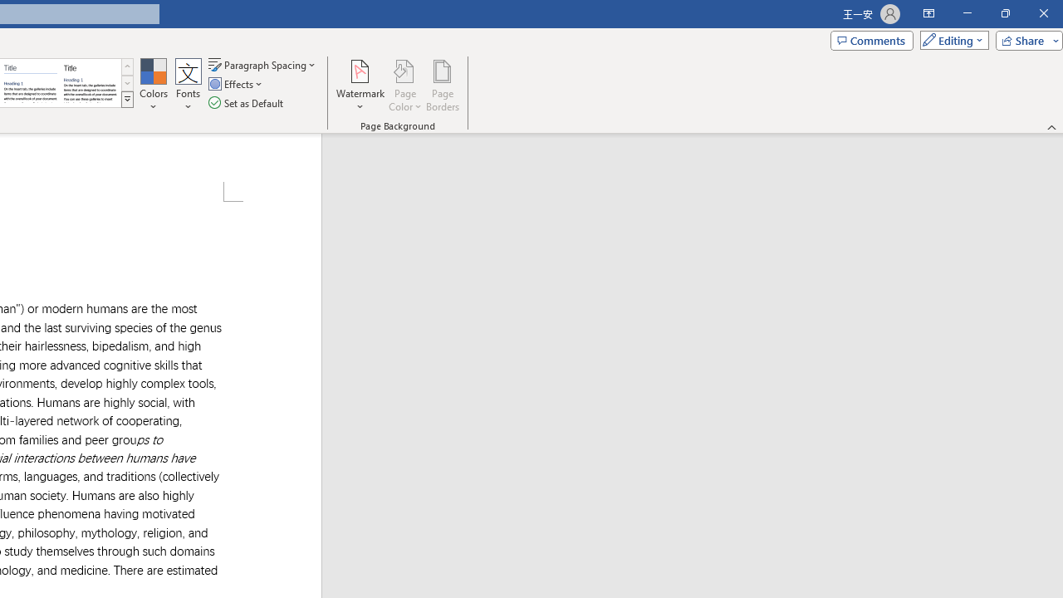 This screenshot has width=1063, height=598. Describe the element at coordinates (236, 84) in the screenshot. I see `'Effects'` at that location.